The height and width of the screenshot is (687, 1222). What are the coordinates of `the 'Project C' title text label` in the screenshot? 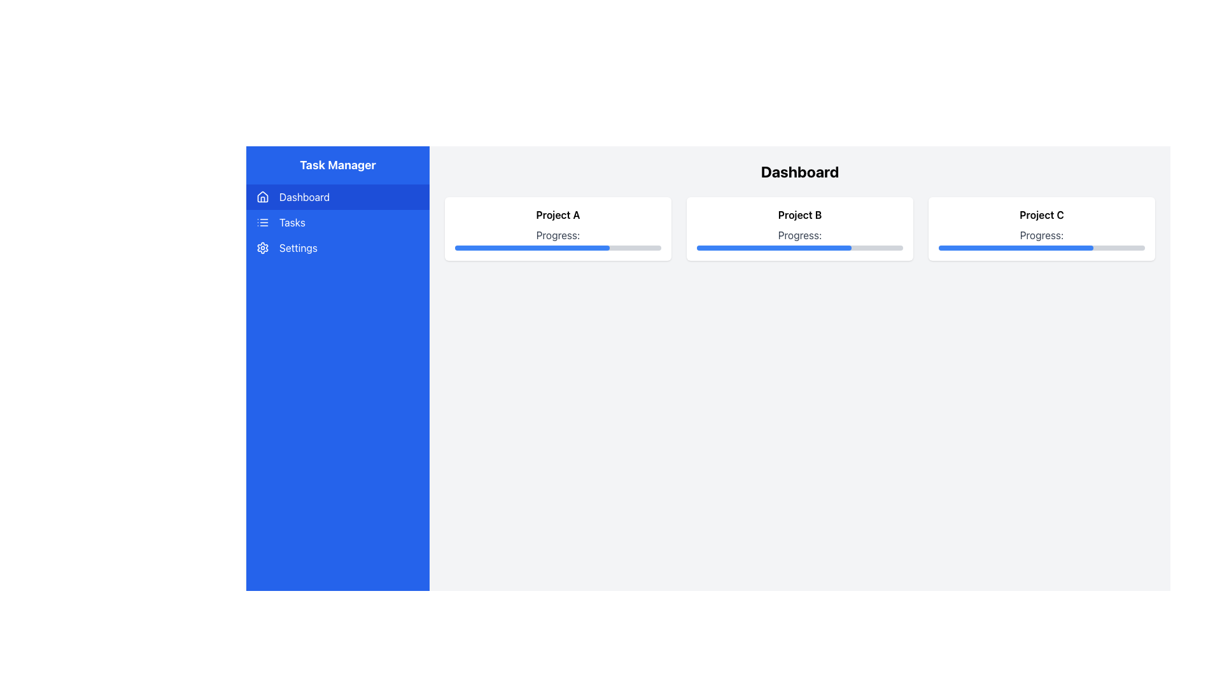 It's located at (1041, 214).